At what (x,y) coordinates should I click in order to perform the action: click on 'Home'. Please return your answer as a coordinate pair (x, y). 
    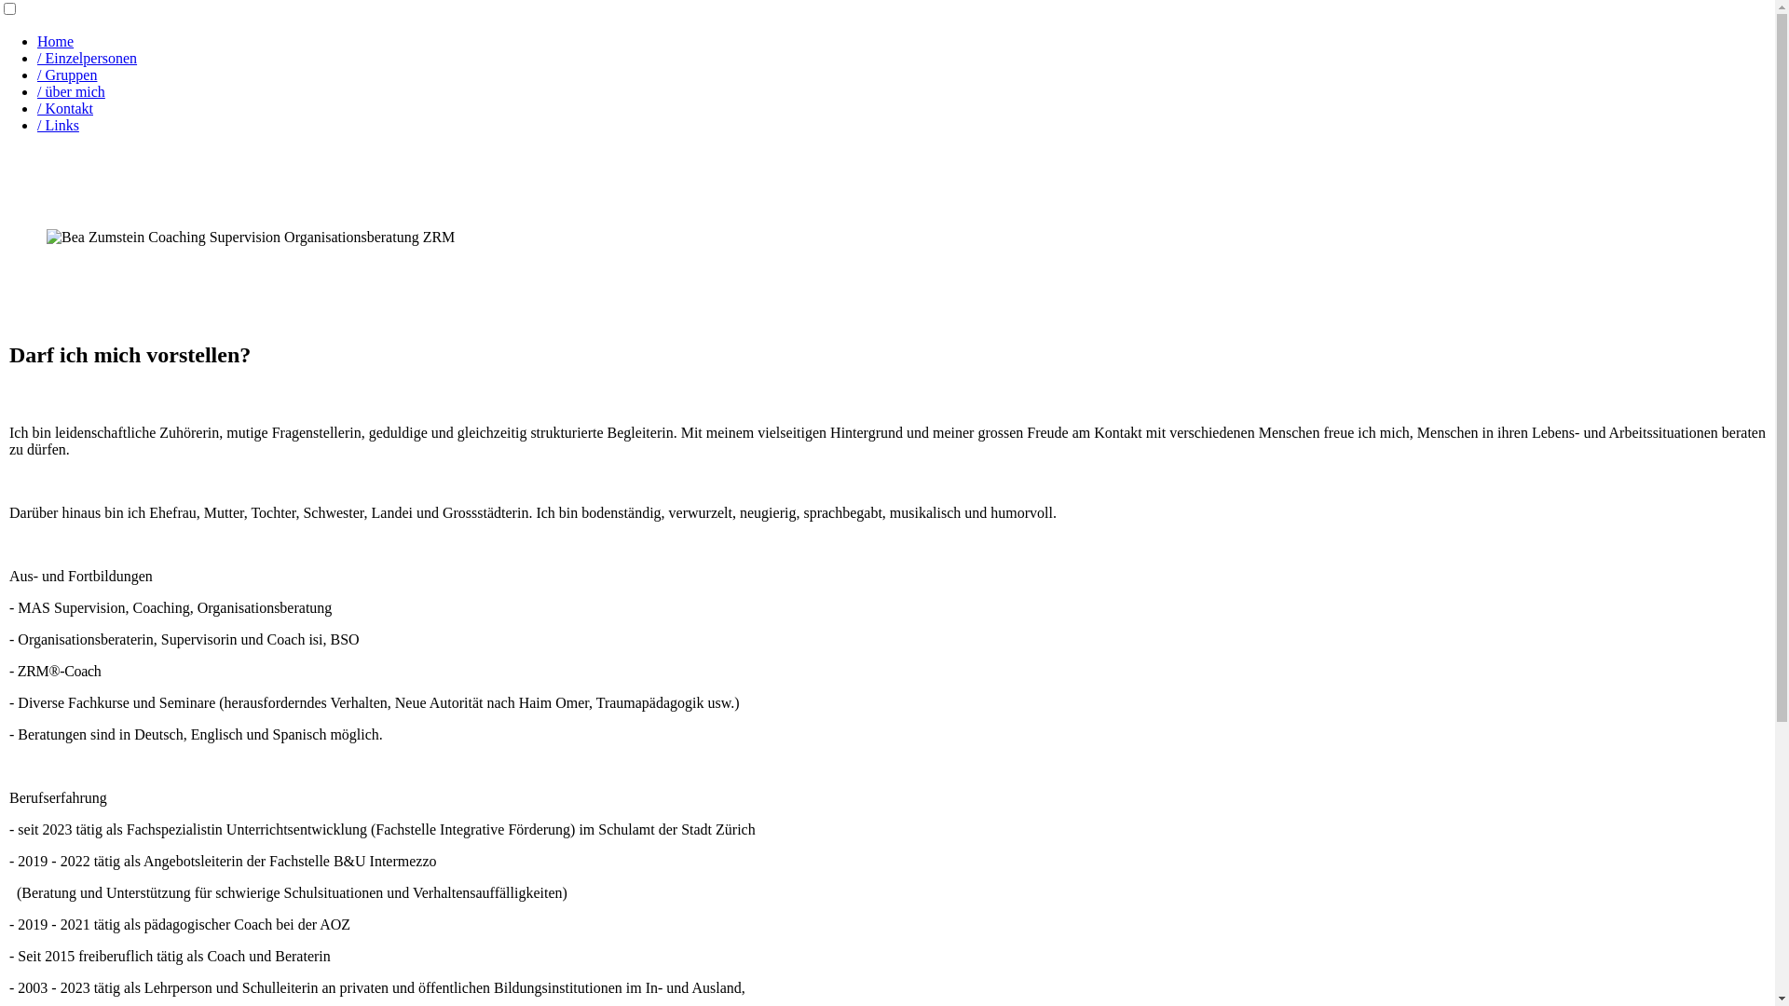
    Looking at the image, I should click on (36, 41).